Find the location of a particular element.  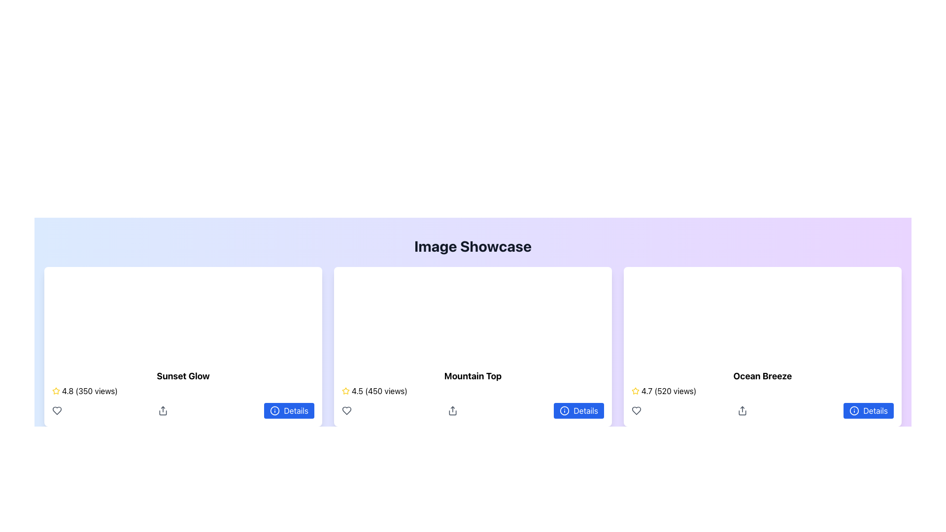

the heart-shaped button outlined in gray, located below the rating information of the 'Mountain Top' showcase item, to change its color to red is located at coordinates (347, 410).